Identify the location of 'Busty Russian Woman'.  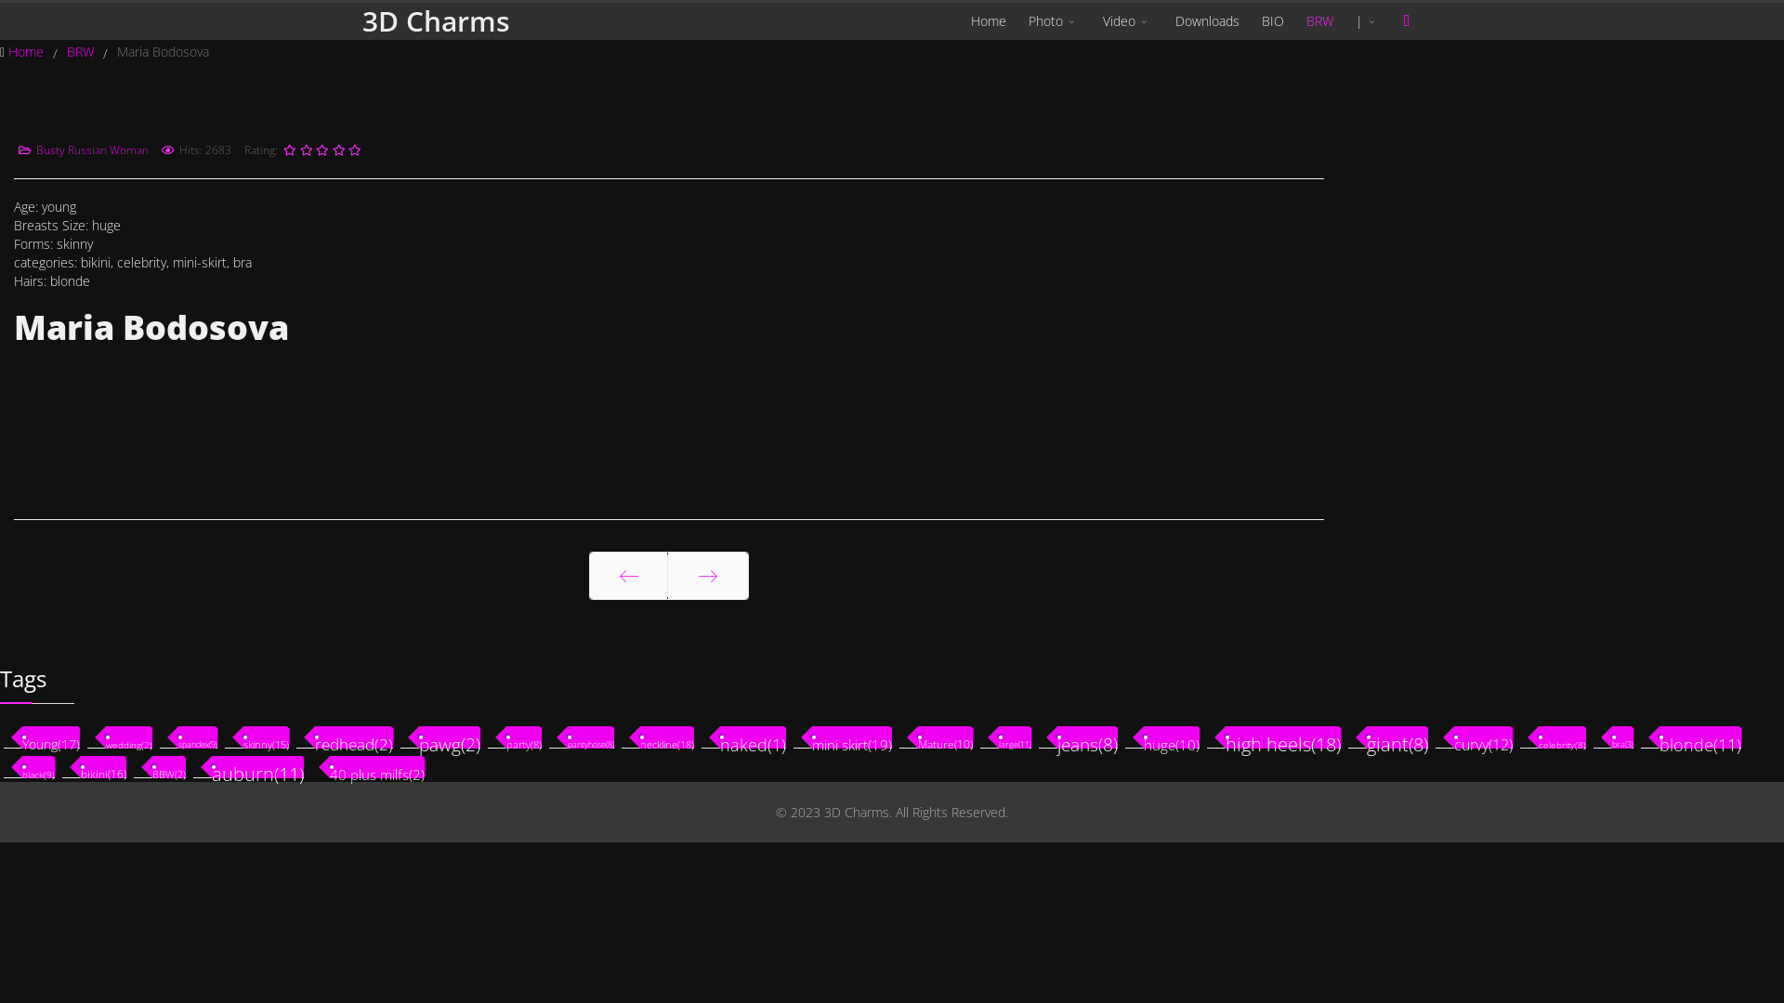
(91, 149).